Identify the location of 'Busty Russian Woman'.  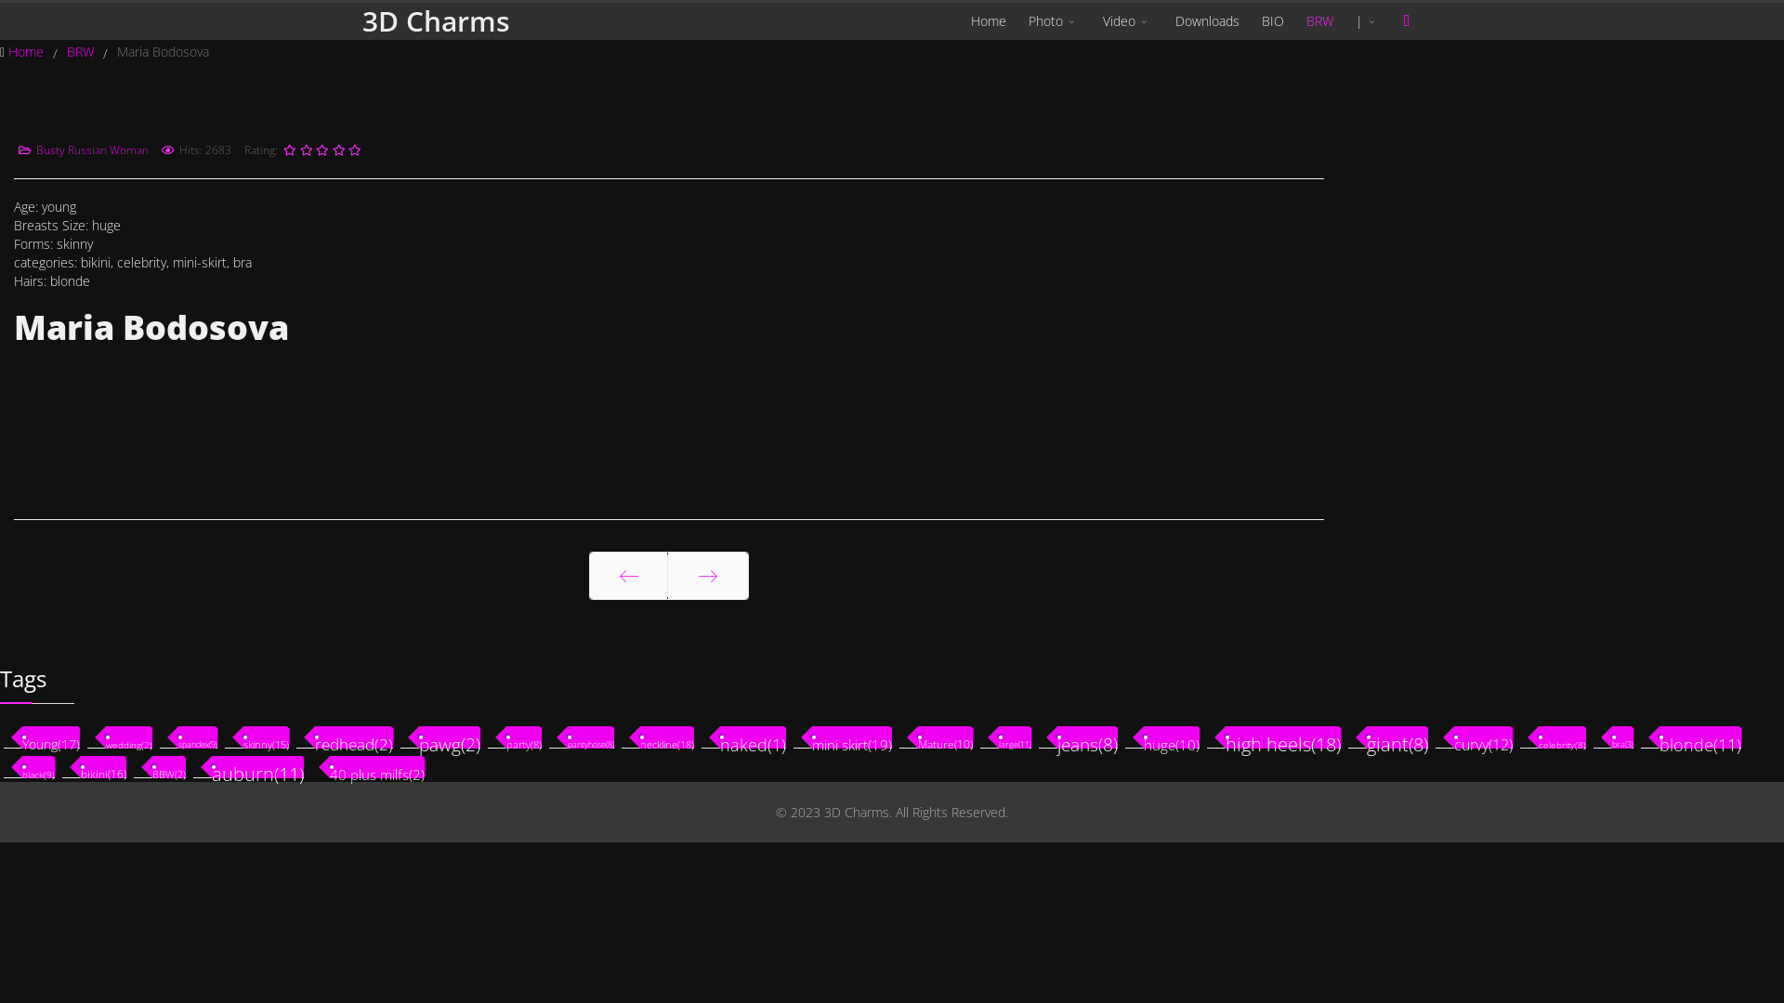
(91, 149).